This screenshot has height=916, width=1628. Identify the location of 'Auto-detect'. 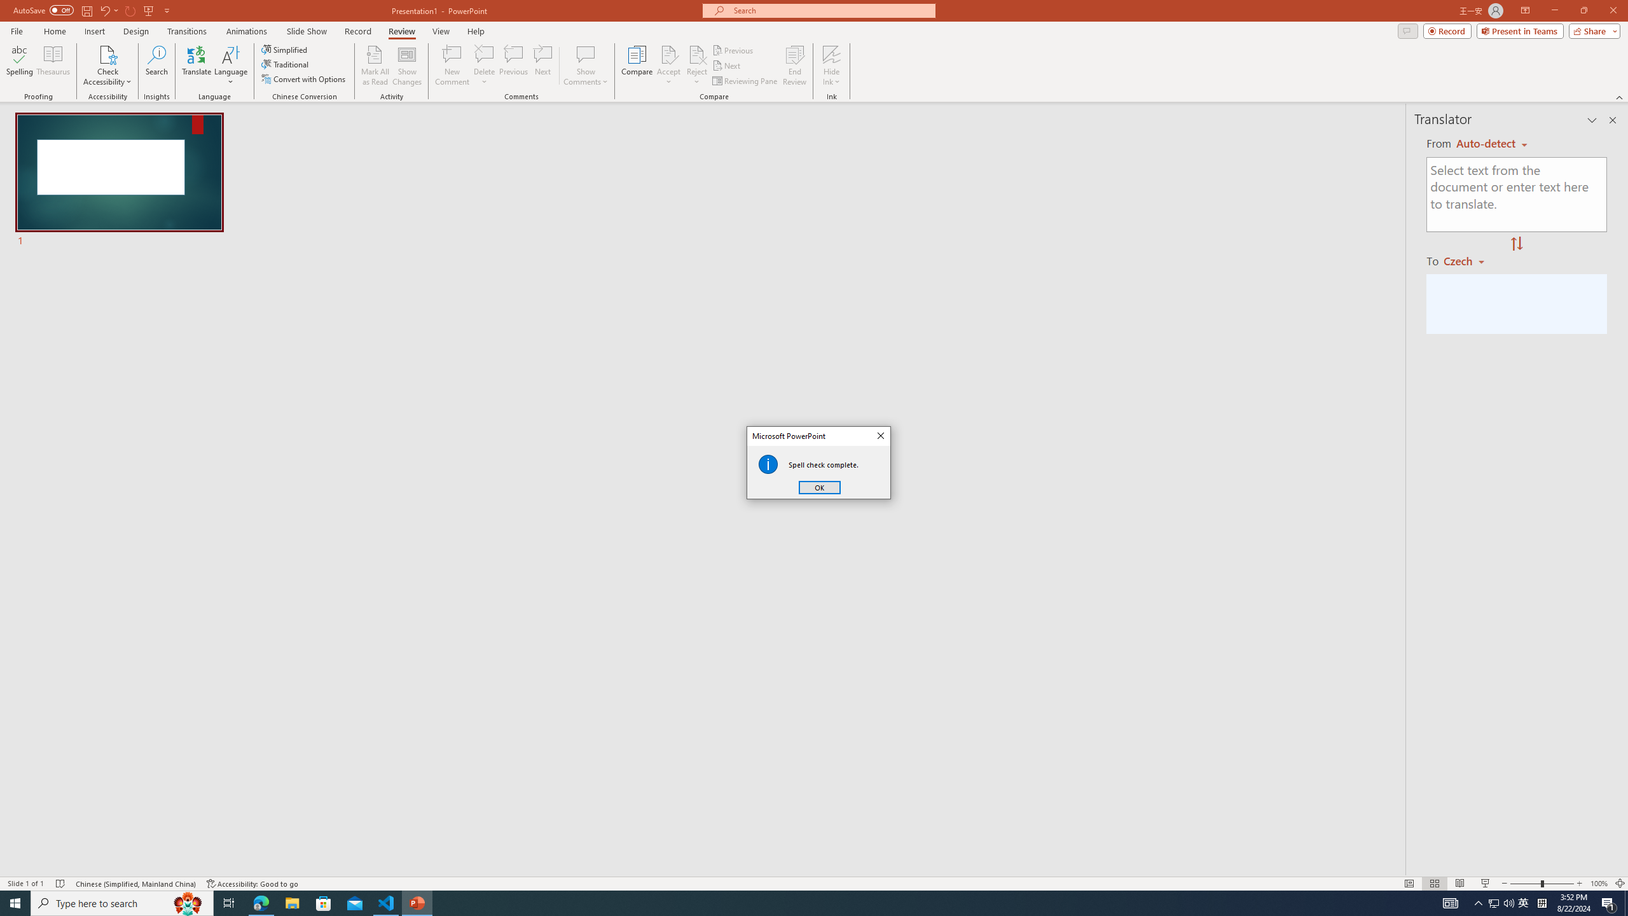
(1491, 143).